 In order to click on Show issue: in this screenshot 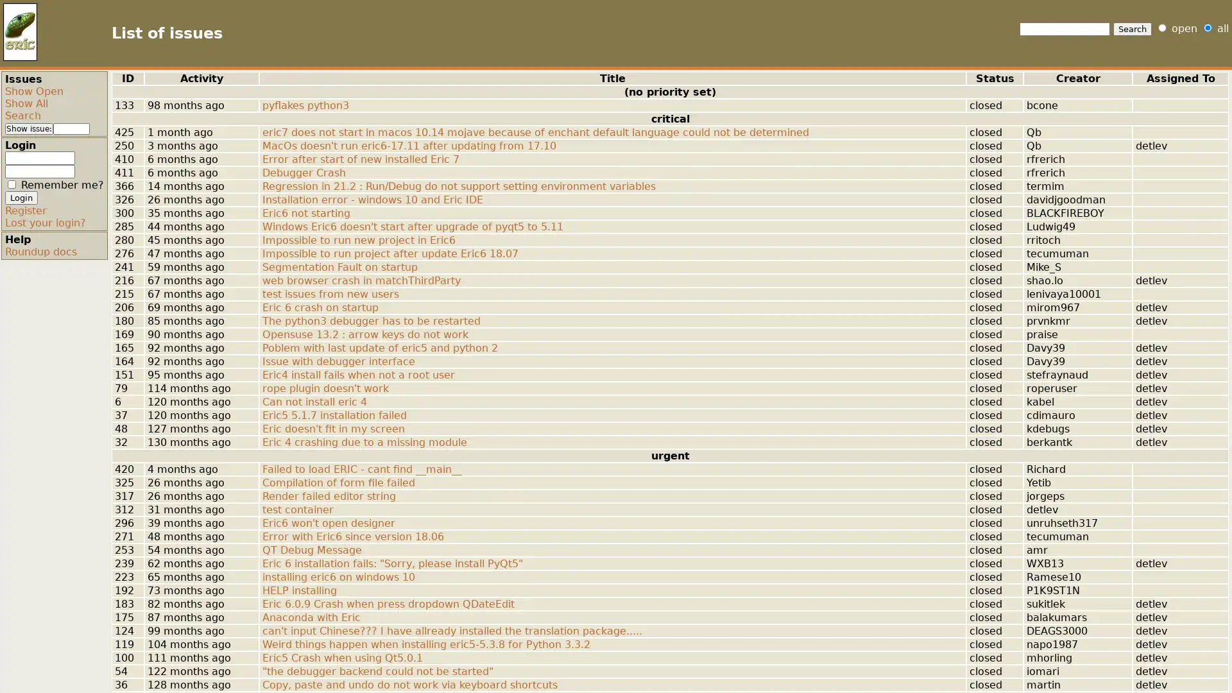, I will do `click(29, 128)`.